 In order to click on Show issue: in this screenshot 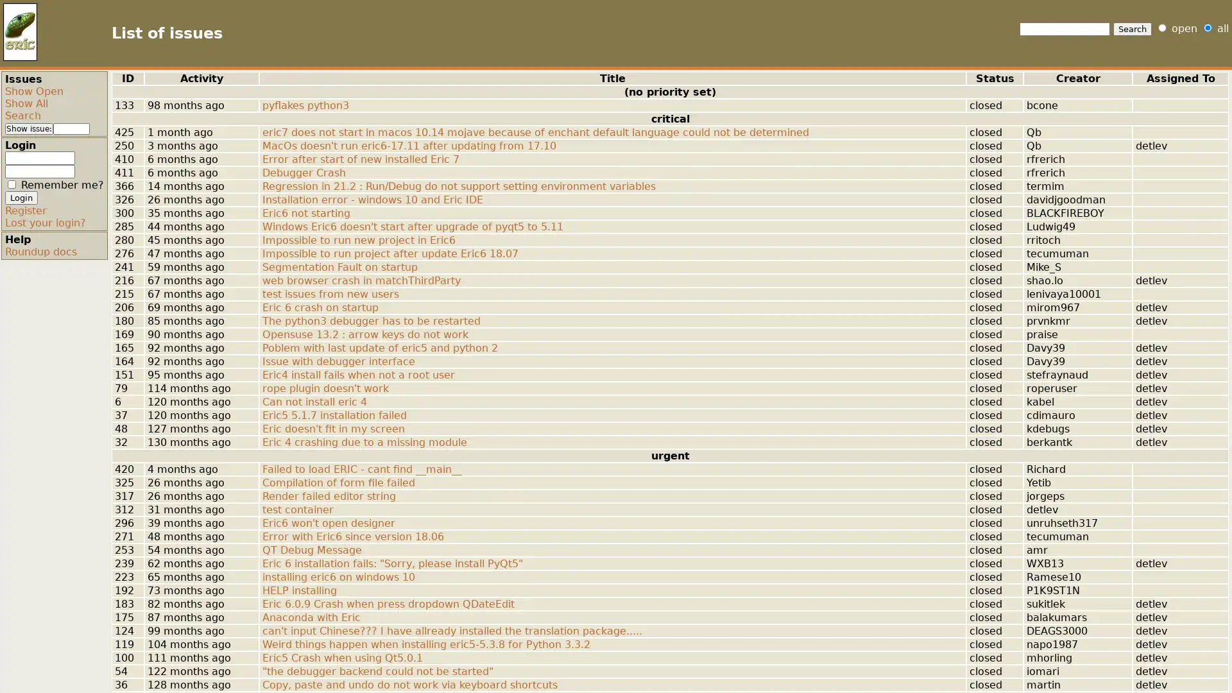, I will do `click(29, 128)`.